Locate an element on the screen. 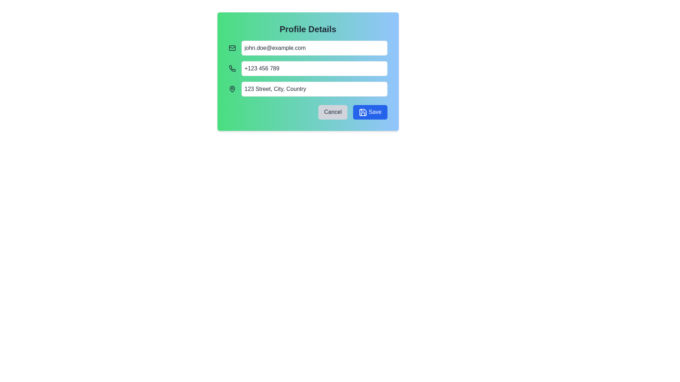 Image resolution: width=680 pixels, height=382 pixels. the 'Profile Details' text label, which is displayed in bold and large font at the top center of a color gradient rectangle, contrasting against a green-to-blue background is located at coordinates (308, 29).